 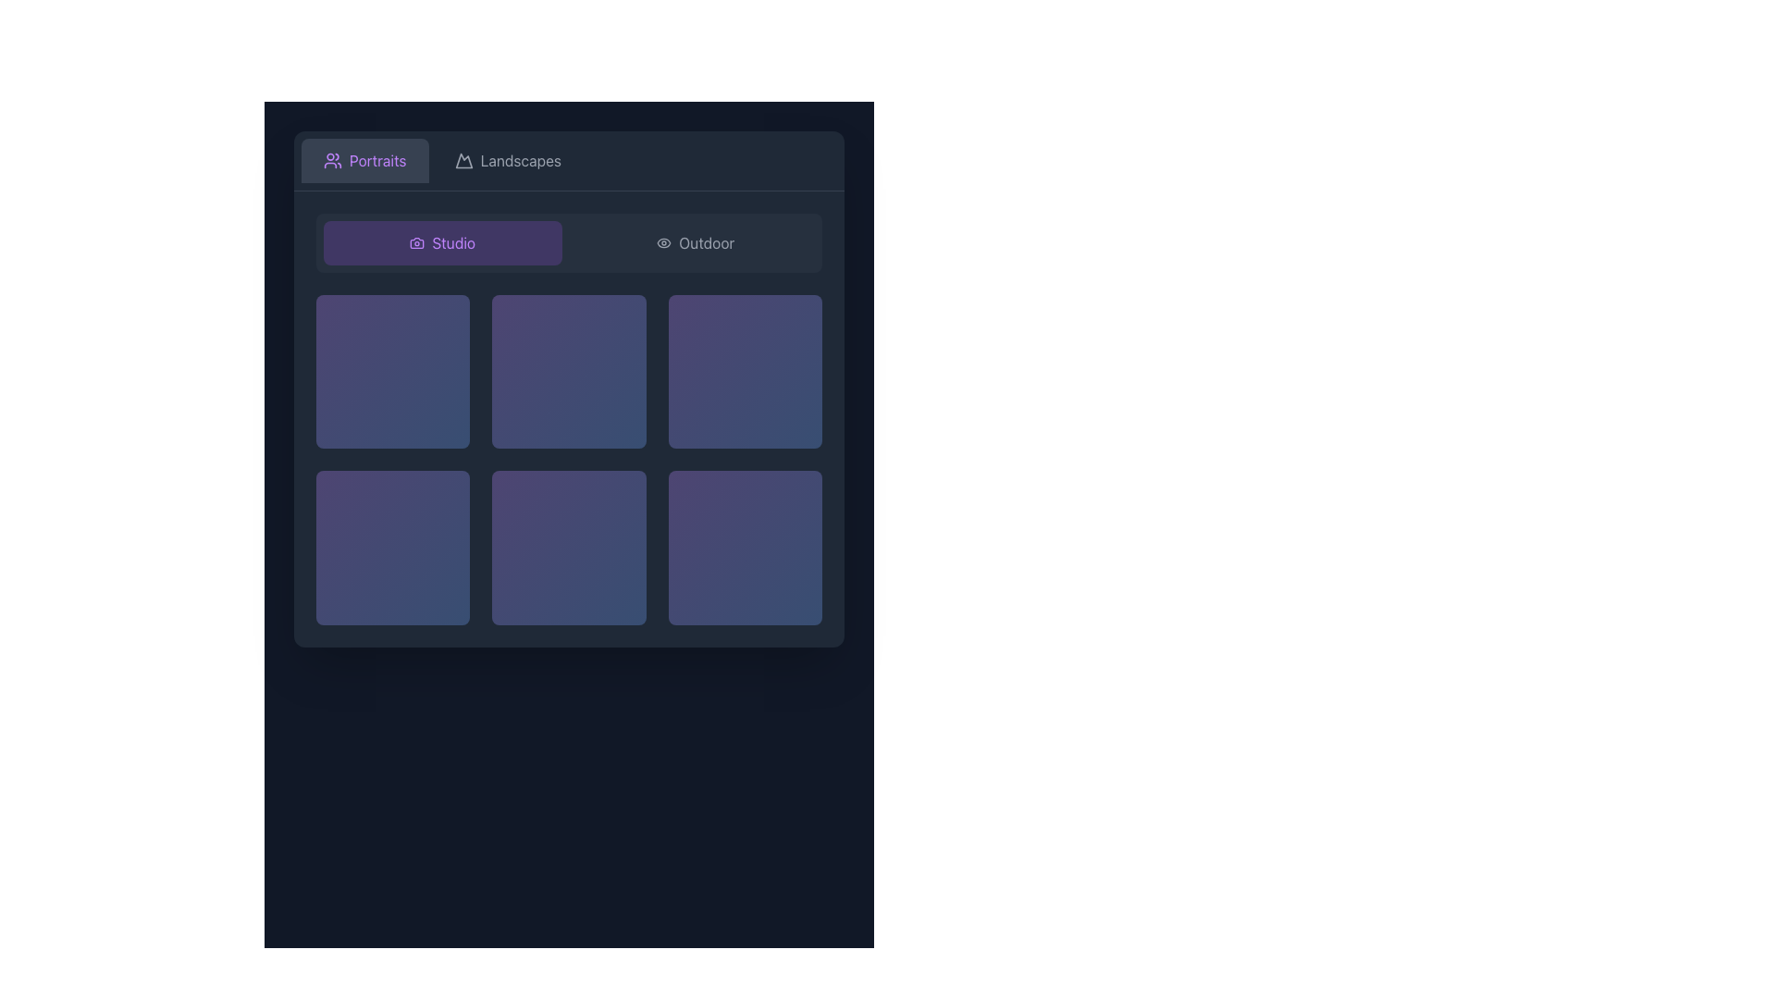 What do you see at coordinates (568, 459) in the screenshot?
I see `the middle element` at bounding box center [568, 459].